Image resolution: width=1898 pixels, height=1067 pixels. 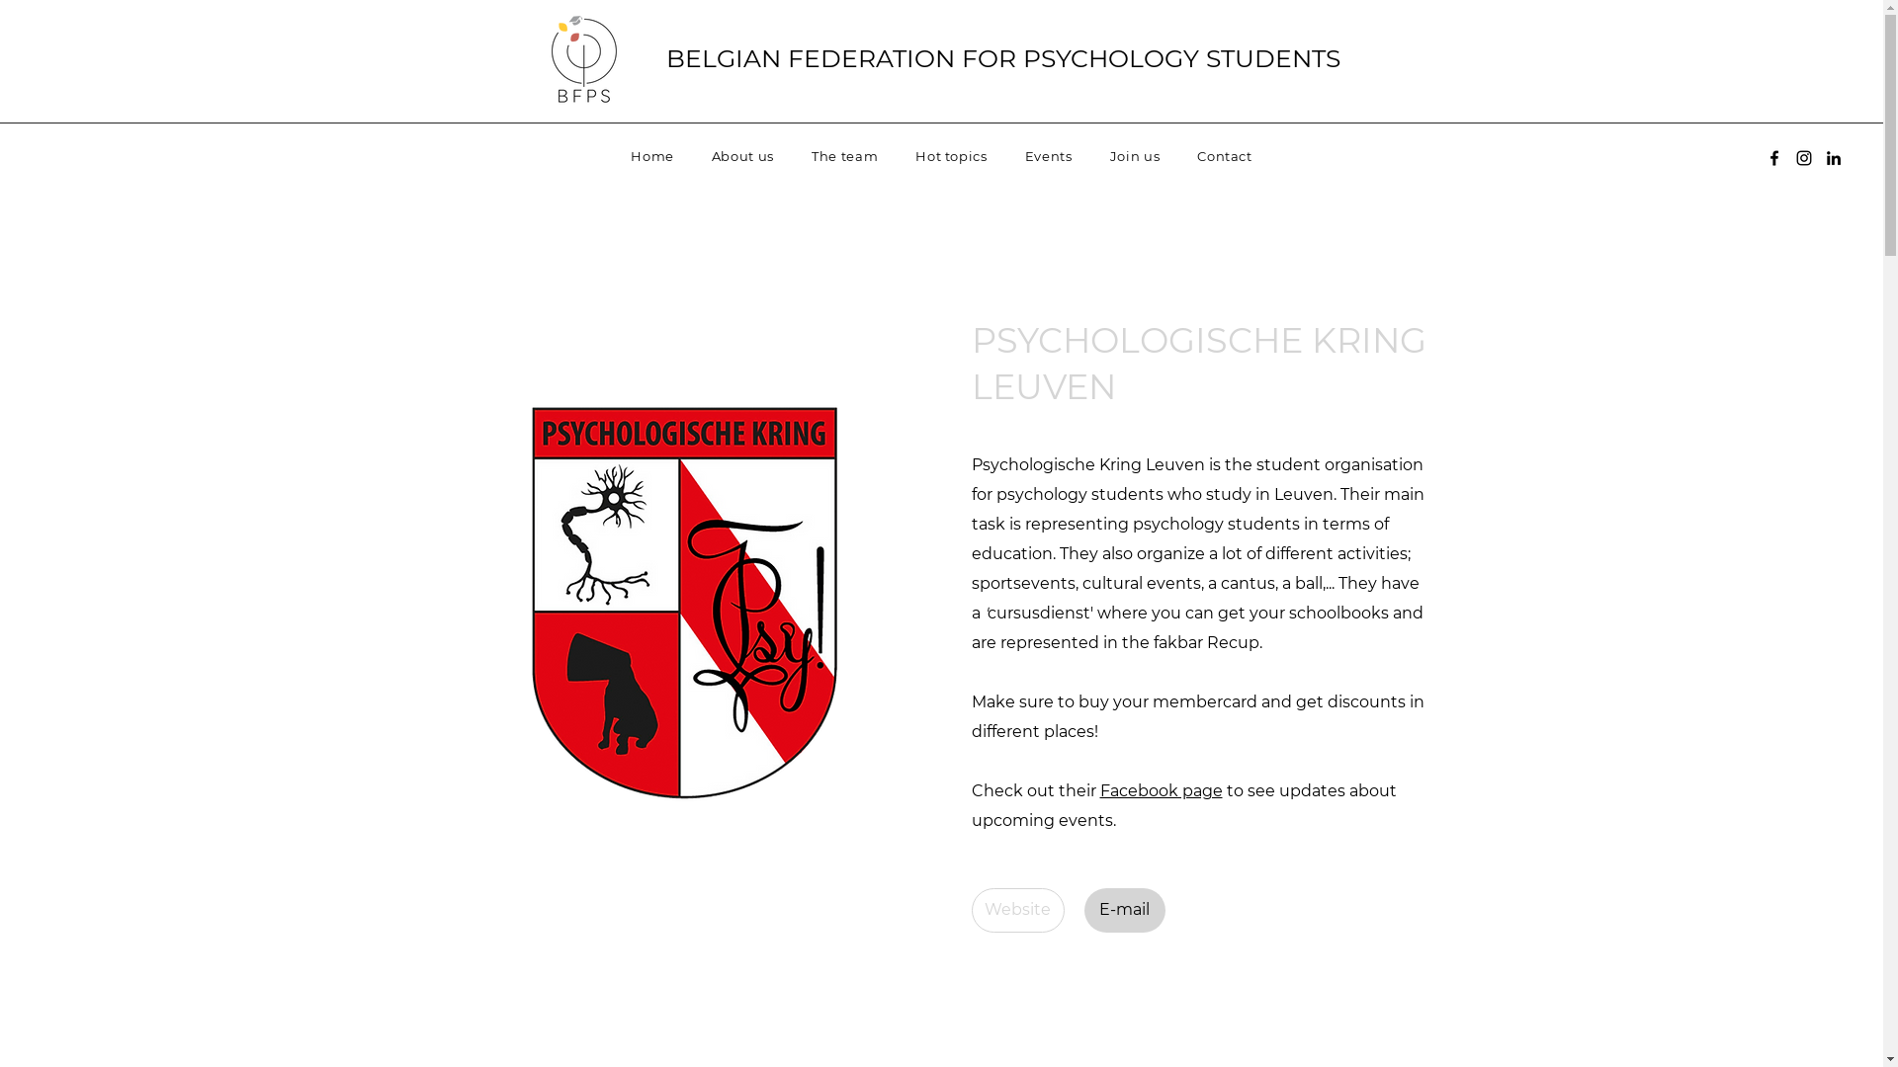 What do you see at coordinates (1016, 910) in the screenshot?
I see `'Website'` at bounding box center [1016, 910].